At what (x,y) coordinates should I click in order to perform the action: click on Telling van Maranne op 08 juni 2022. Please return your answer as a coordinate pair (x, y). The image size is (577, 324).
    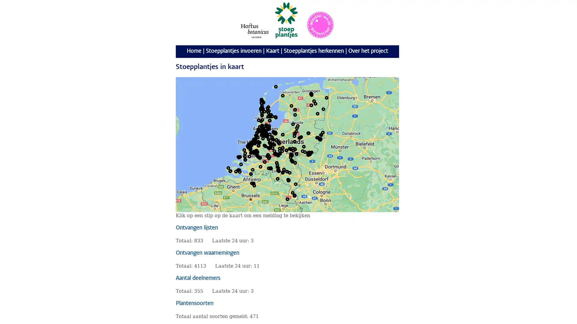
    Looking at the image, I should click on (295, 149).